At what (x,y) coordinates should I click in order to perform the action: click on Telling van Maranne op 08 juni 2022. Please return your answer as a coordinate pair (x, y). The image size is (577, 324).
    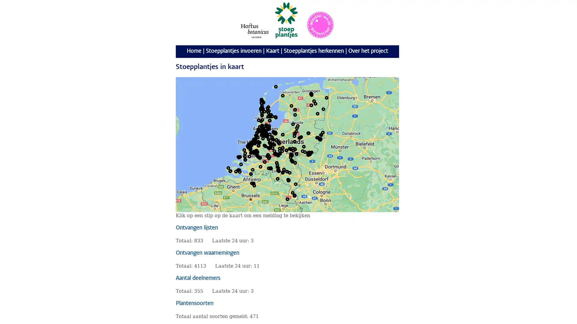
    Looking at the image, I should click on (295, 149).